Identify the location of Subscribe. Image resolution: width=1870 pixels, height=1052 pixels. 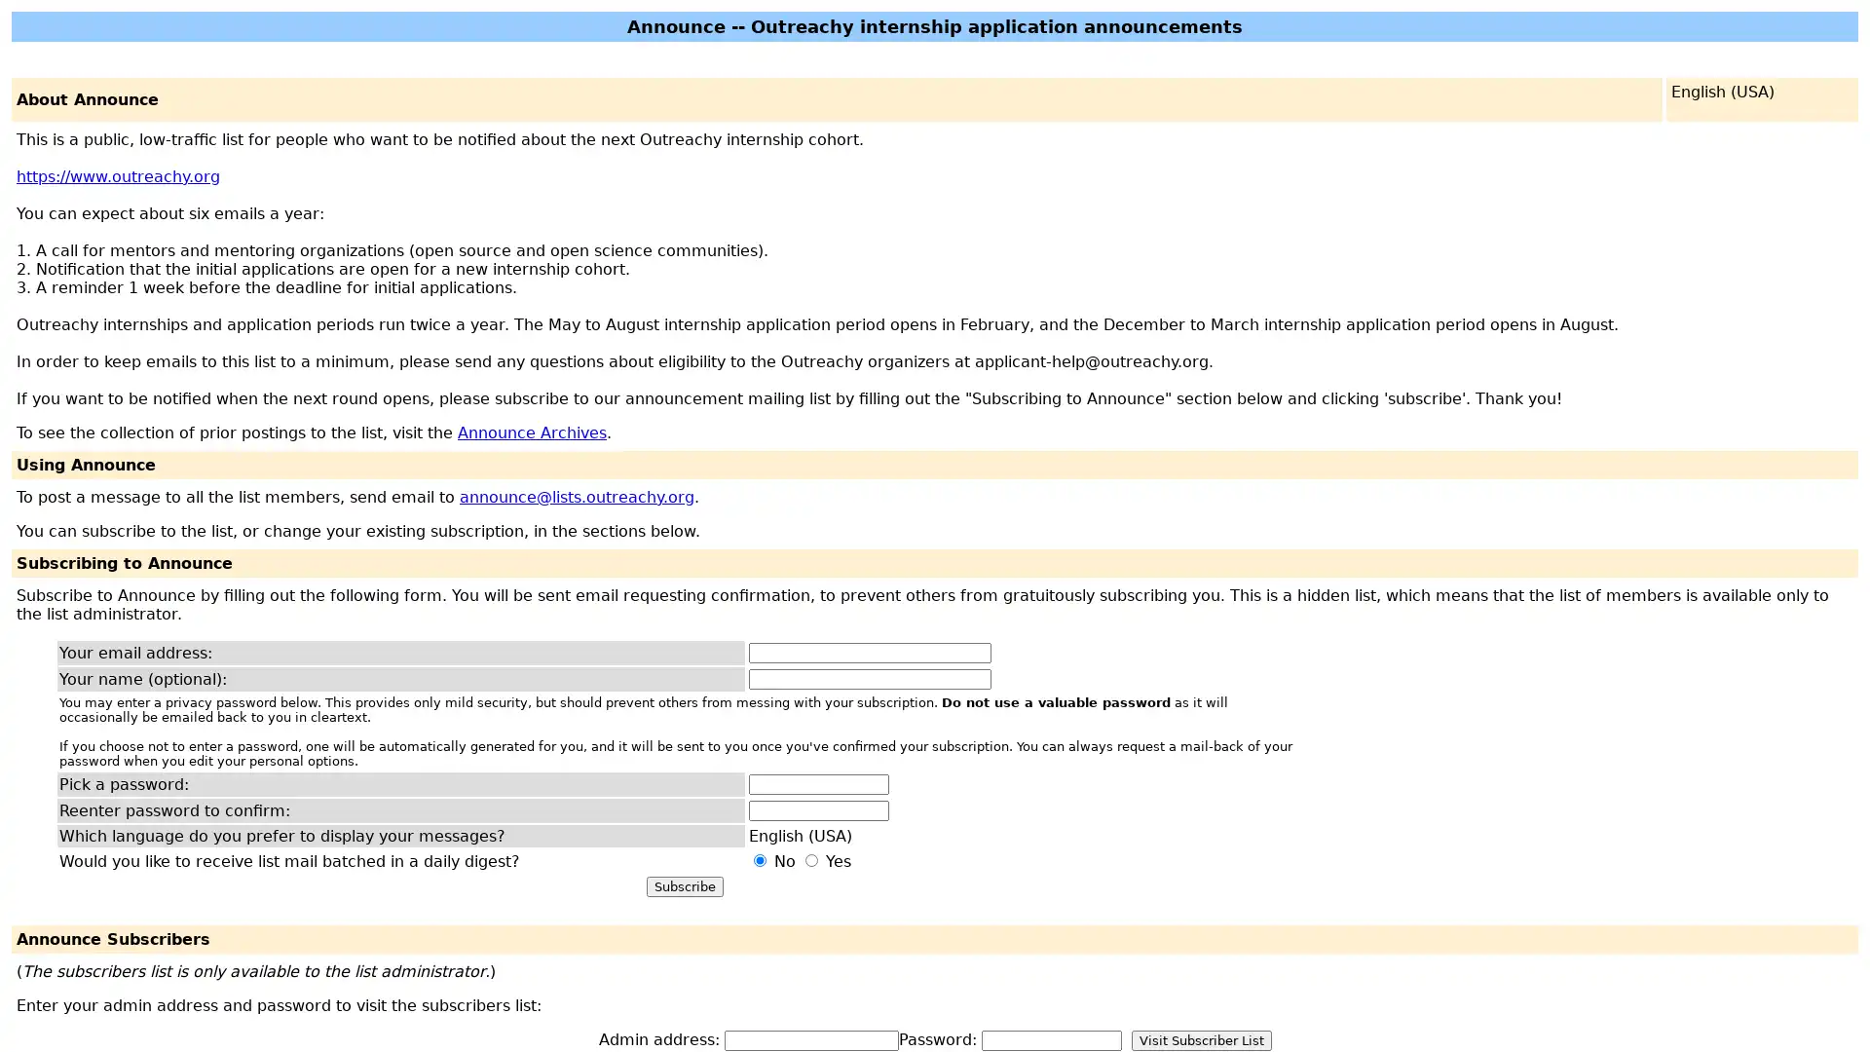
(684, 886).